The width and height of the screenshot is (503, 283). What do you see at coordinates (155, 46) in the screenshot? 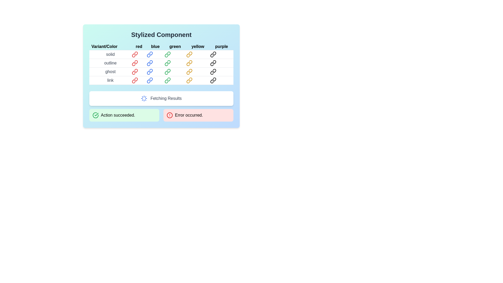
I see `the text label displaying the word 'blue', which is styled with a bold black font and located in the second column of the 'Variant/Color' row in the table layout` at bounding box center [155, 46].